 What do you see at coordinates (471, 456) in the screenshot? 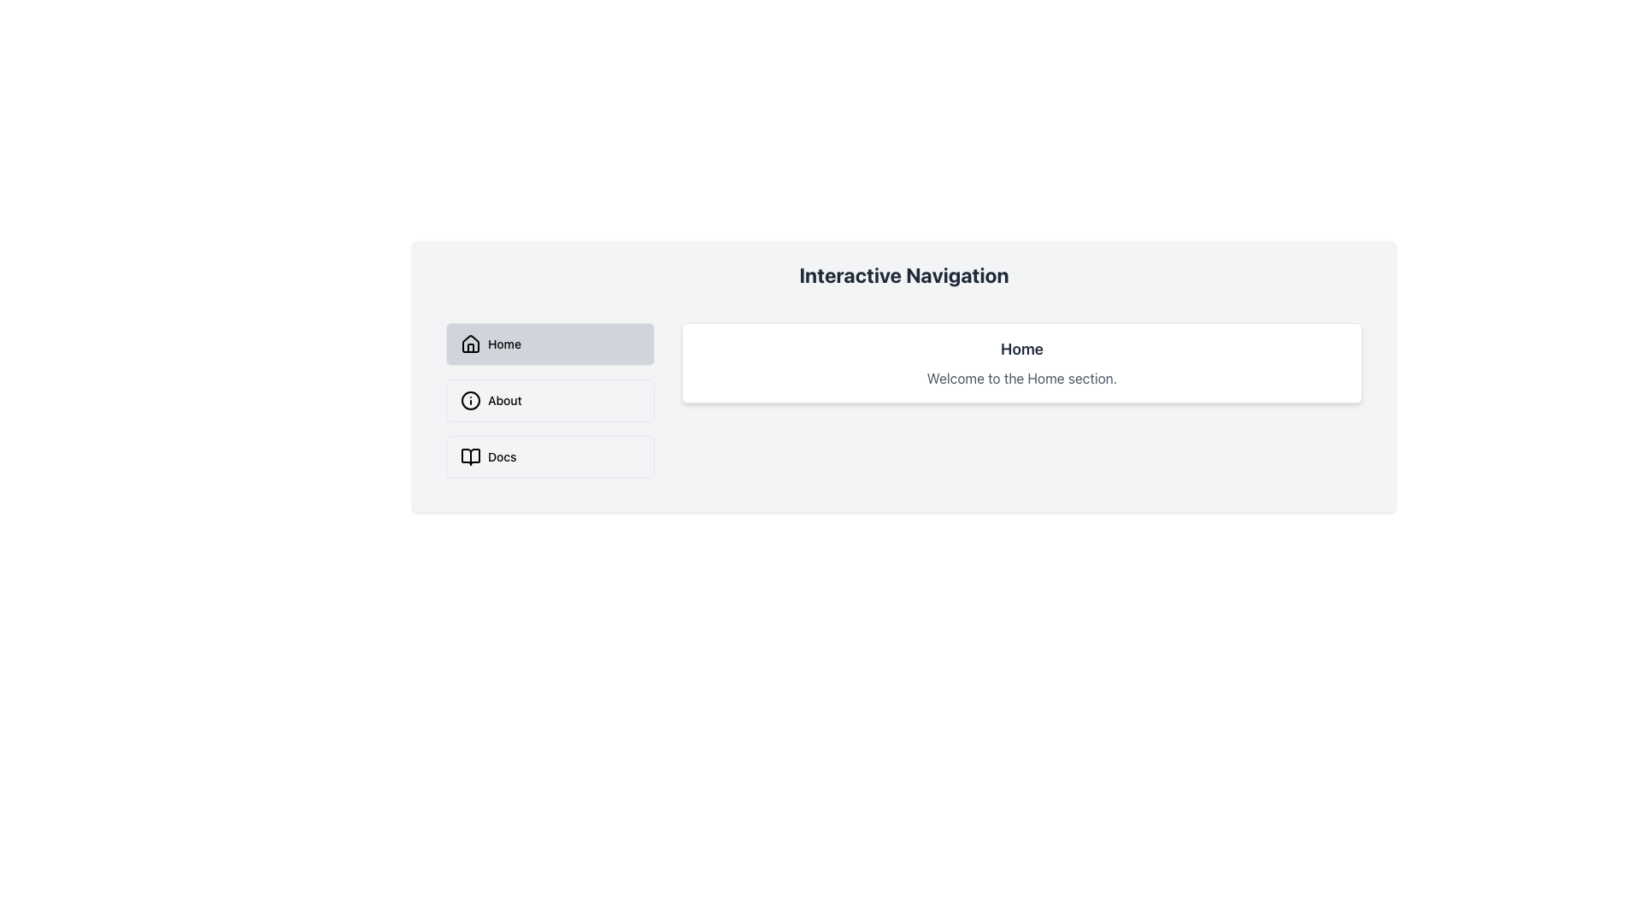
I see `the documentation icon located to the left of the 'Docs' button in the navigation menu` at bounding box center [471, 456].